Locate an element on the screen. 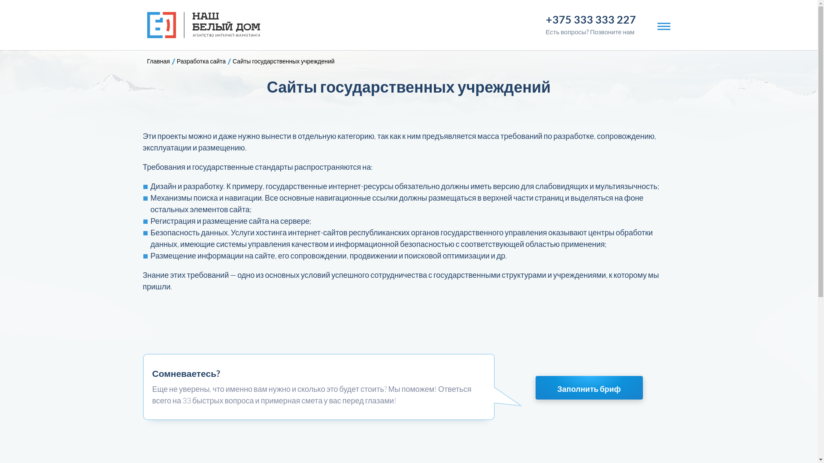  '+375 333 333 227' is located at coordinates (545, 19).